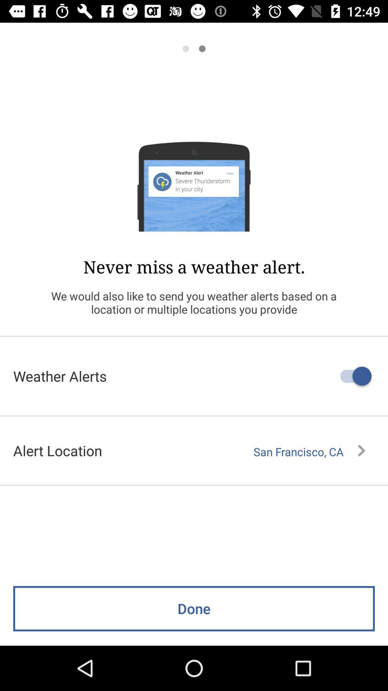  What do you see at coordinates (194, 608) in the screenshot?
I see `the done` at bounding box center [194, 608].